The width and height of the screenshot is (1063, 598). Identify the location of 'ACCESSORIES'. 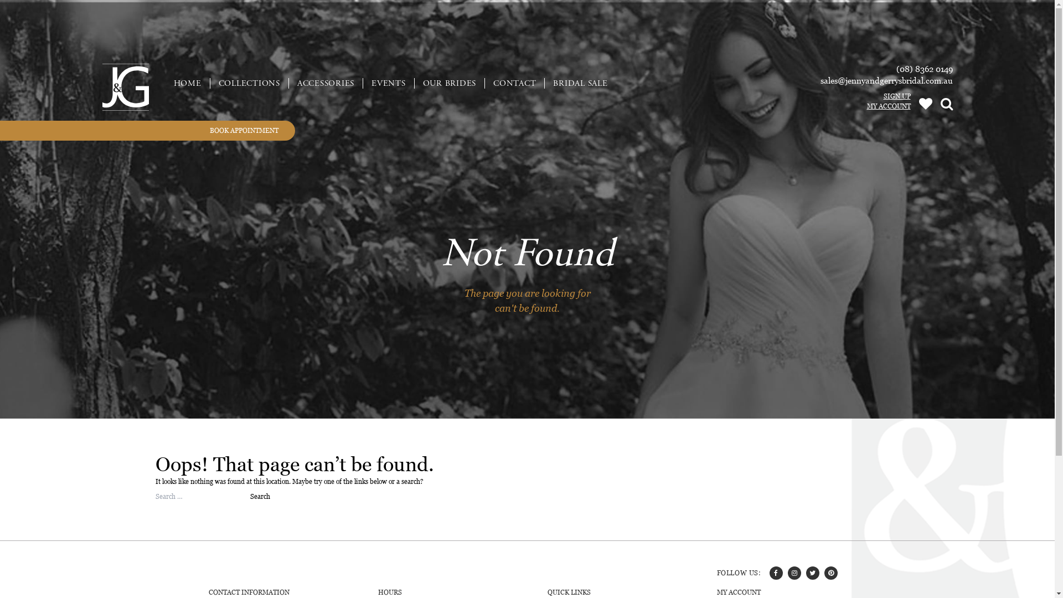
(326, 82).